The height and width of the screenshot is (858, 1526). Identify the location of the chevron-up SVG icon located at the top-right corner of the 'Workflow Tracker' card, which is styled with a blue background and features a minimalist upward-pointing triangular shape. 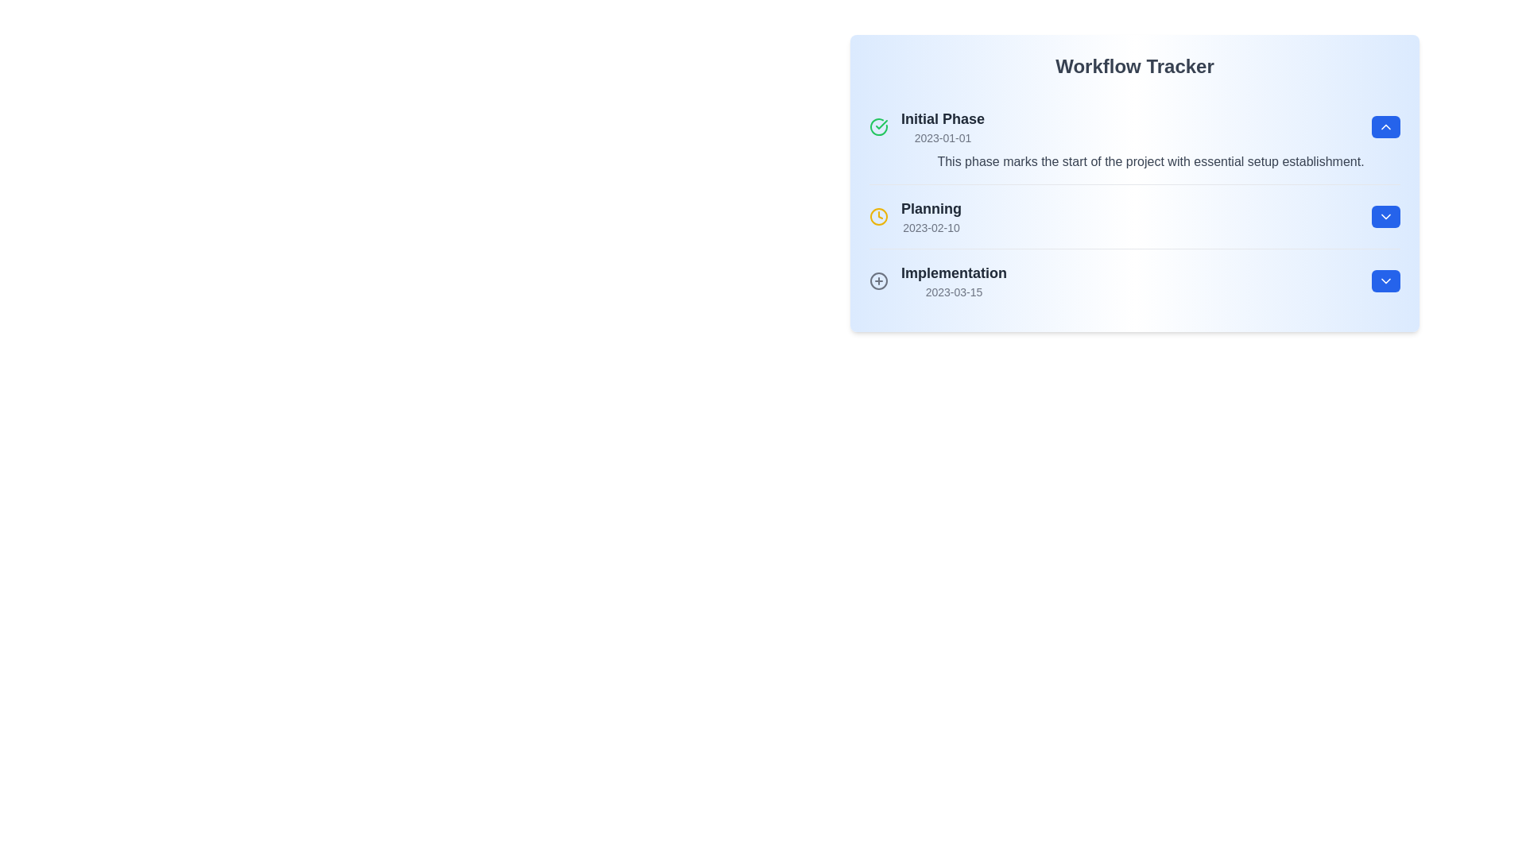
(1385, 126).